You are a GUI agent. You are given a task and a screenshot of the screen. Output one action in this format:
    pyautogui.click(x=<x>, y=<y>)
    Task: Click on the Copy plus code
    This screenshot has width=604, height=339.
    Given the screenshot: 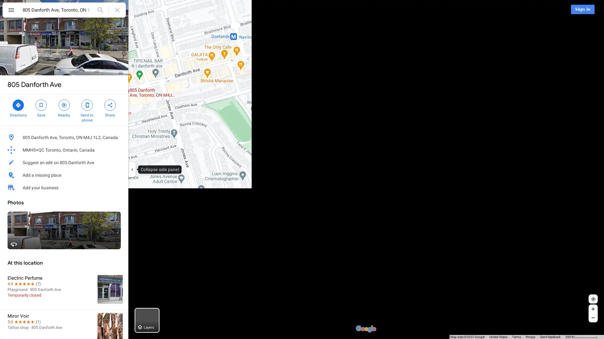 What is the action you would take?
    pyautogui.click(x=103, y=150)
    